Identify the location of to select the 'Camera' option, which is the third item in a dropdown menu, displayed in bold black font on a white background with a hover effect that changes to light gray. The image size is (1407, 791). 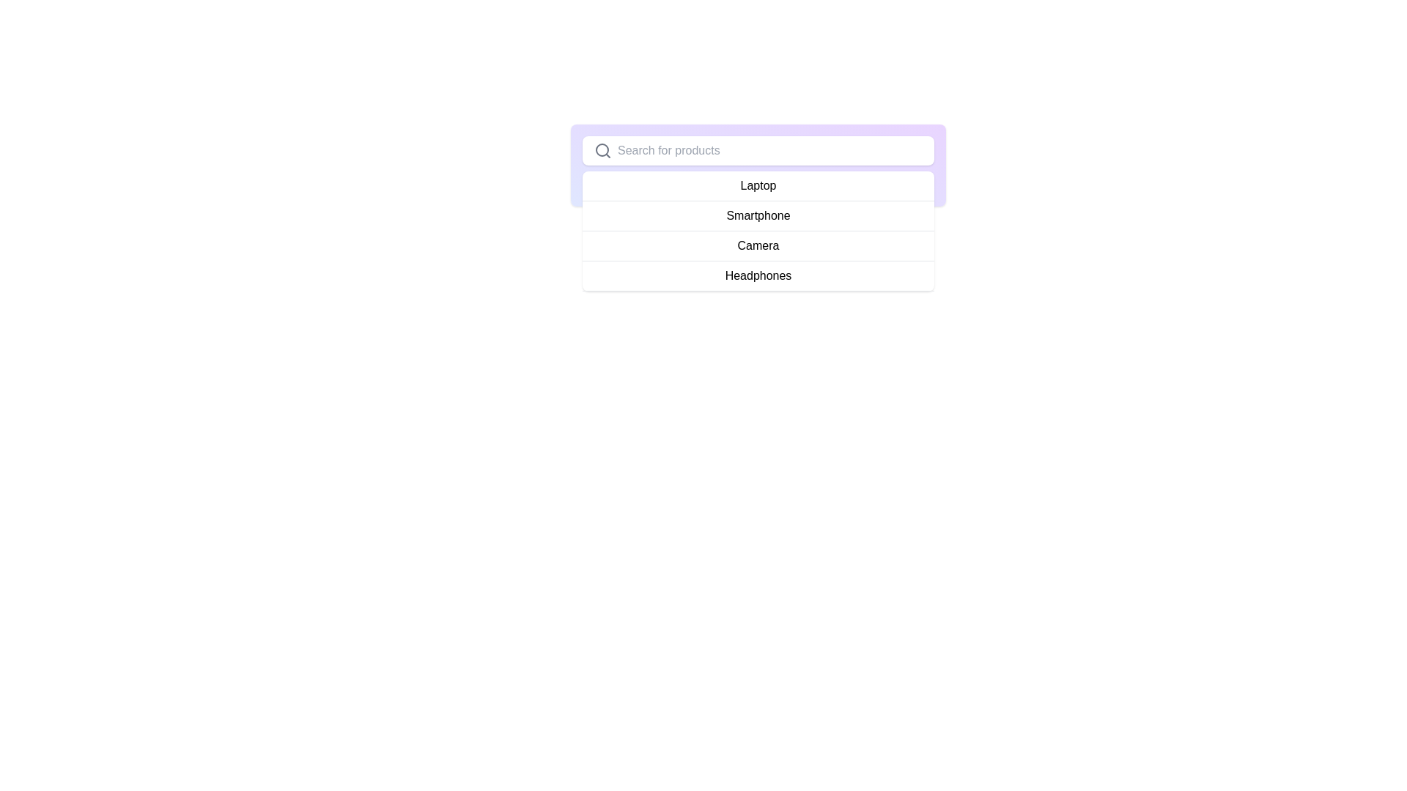
(758, 245).